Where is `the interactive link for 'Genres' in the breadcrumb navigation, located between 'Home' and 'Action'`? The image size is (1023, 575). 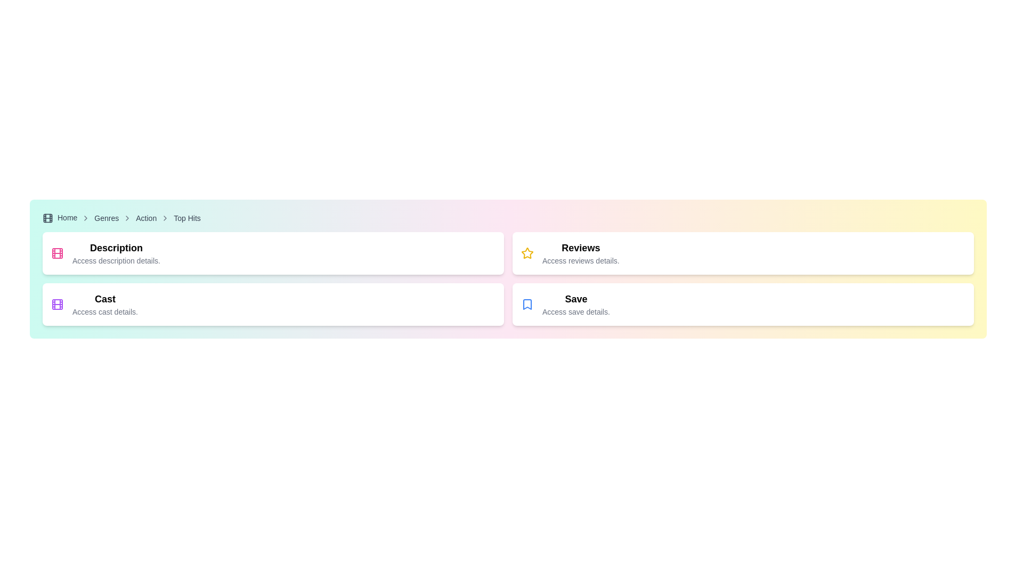
the interactive link for 'Genres' in the breadcrumb navigation, located between 'Home' and 'Action' is located at coordinates (107, 217).